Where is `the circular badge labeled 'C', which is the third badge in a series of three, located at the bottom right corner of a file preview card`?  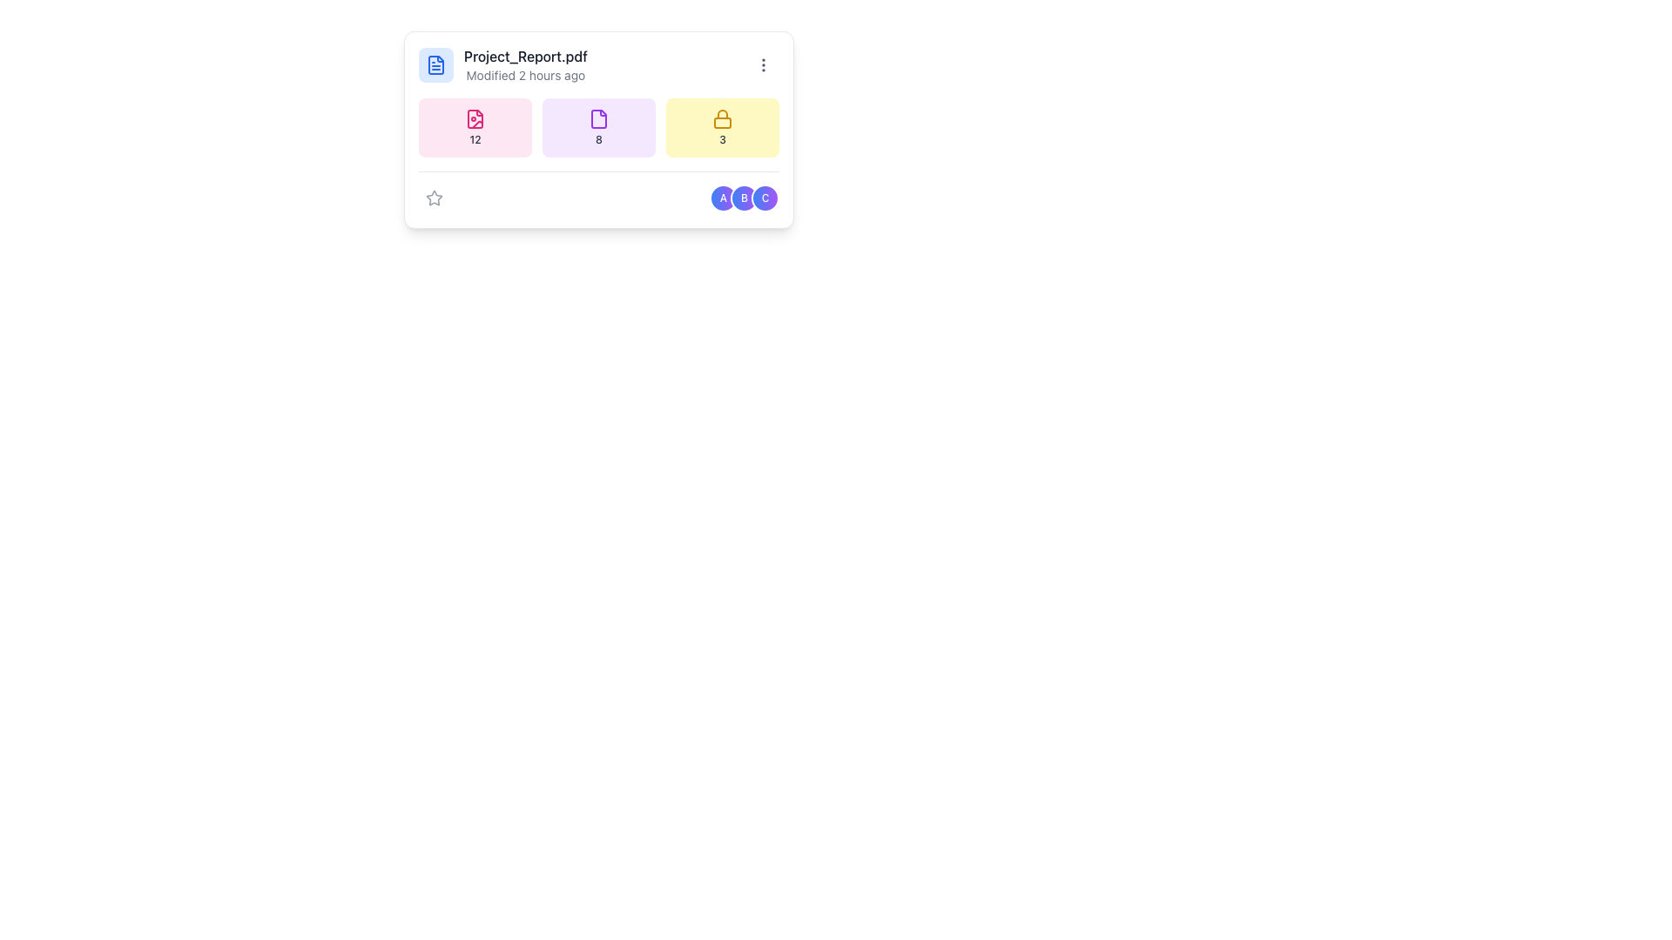 the circular badge labeled 'C', which is the third badge in a series of three, located at the bottom right corner of a file preview card is located at coordinates (765, 197).